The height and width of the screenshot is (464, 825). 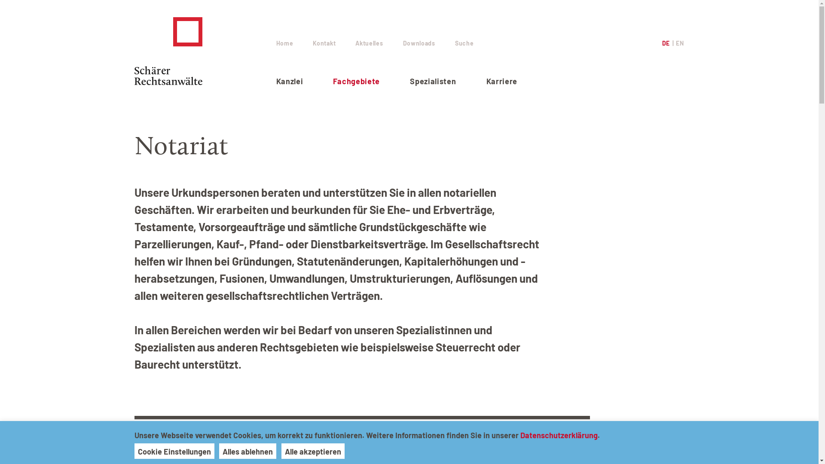 What do you see at coordinates (369, 43) in the screenshot?
I see `'Aktuelles'` at bounding box center [369, 43].